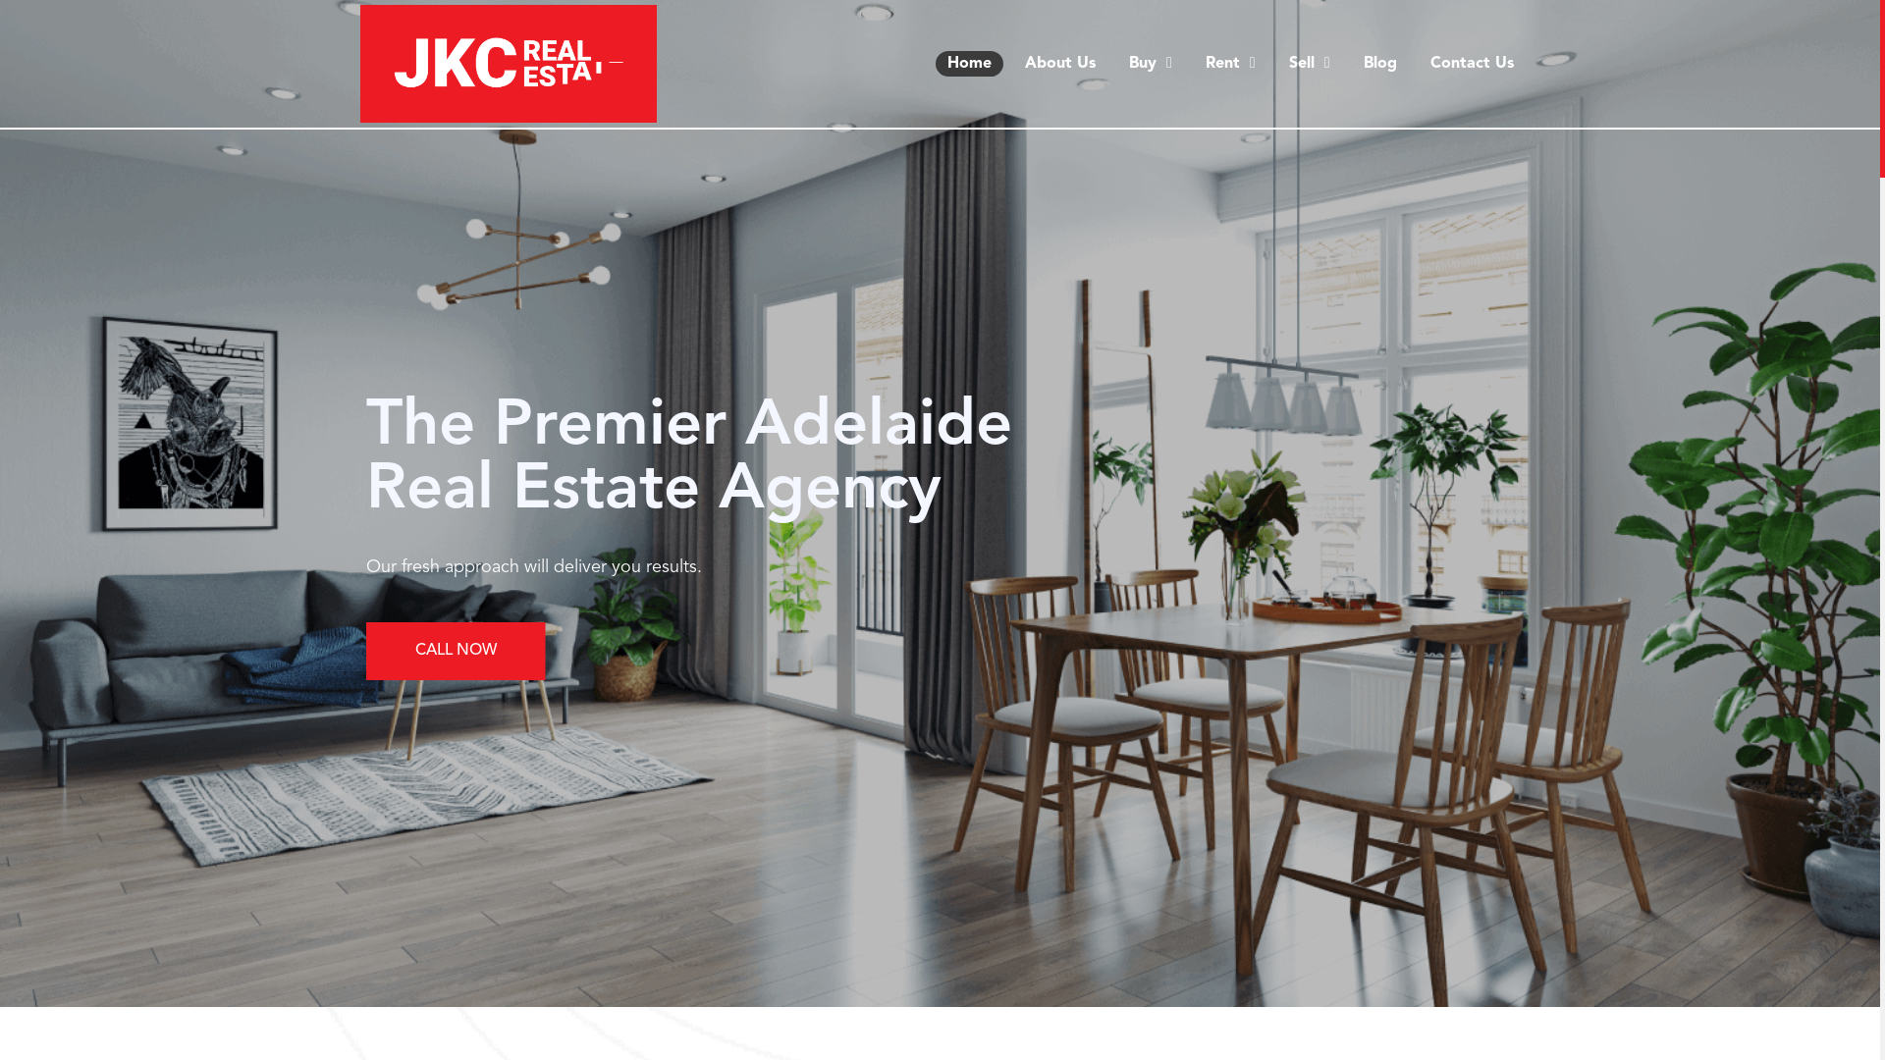 The image size is (1885, 1060). Describe the element at coordinates (1310, 63) in the screenshot. I see `'Sell'` at that location.